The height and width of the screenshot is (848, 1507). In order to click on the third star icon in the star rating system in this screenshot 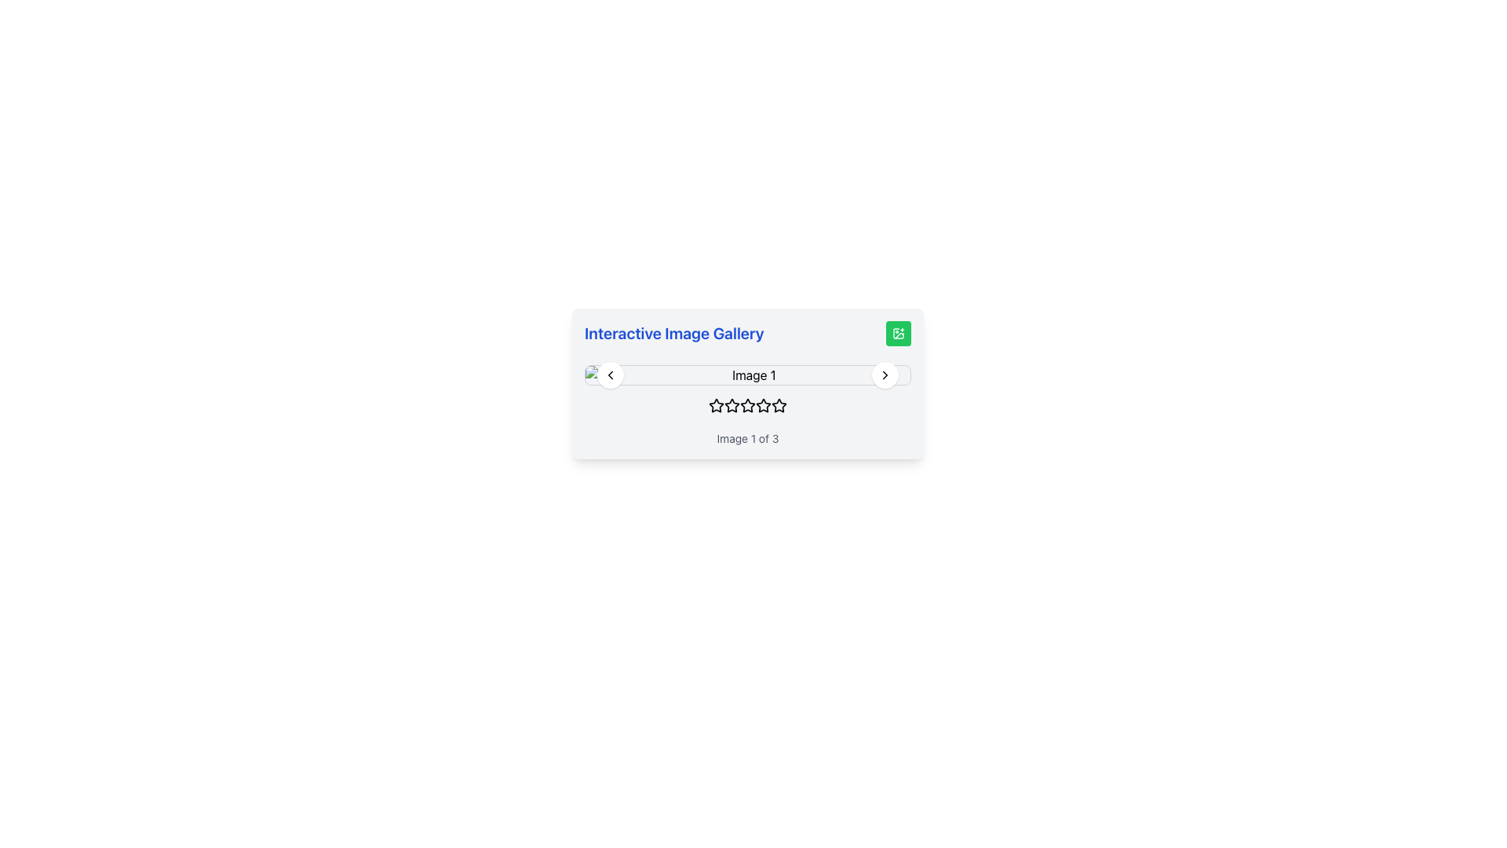, I will do `click(747, 404)`.